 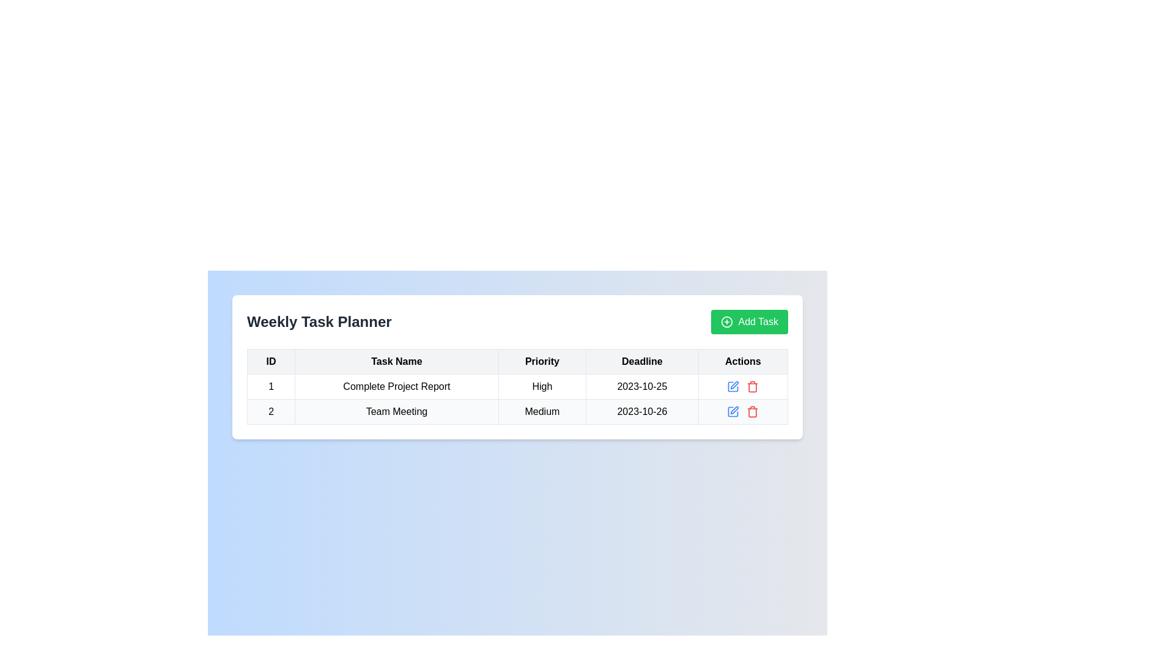 I want to click on the text label displaying the date '2023-10-25' in the fourth column of the first row of the table, which represents the task 'Complete Project Report', so click(x=641, y=386).